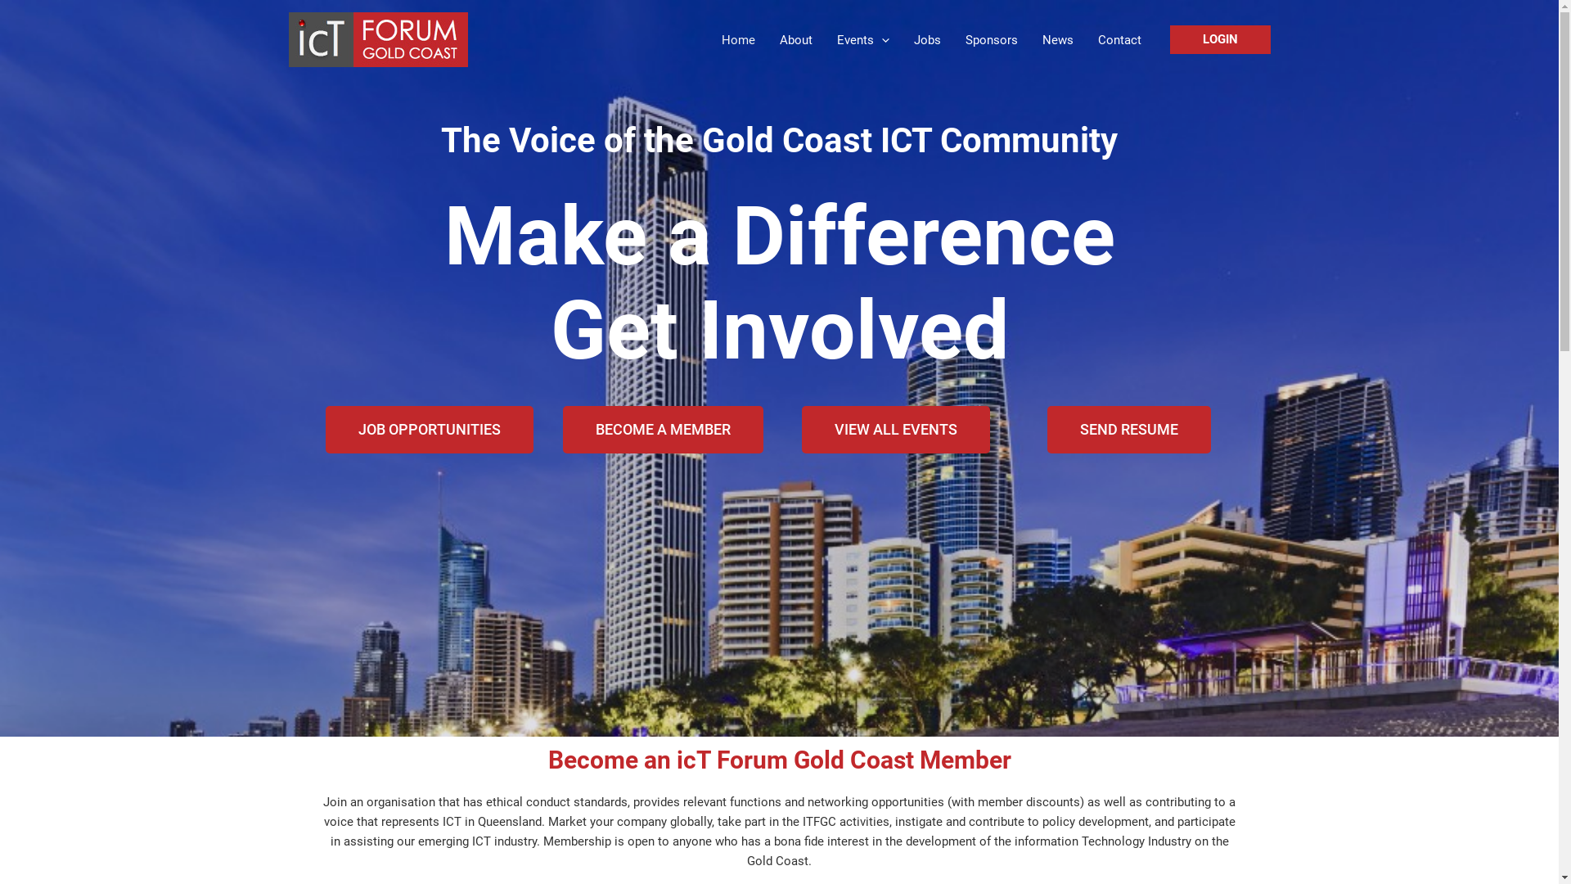  Describe the element at coordinates (429, 428) in the screenshot. I see `'JOB OPPORTUNITIES'` at that location.